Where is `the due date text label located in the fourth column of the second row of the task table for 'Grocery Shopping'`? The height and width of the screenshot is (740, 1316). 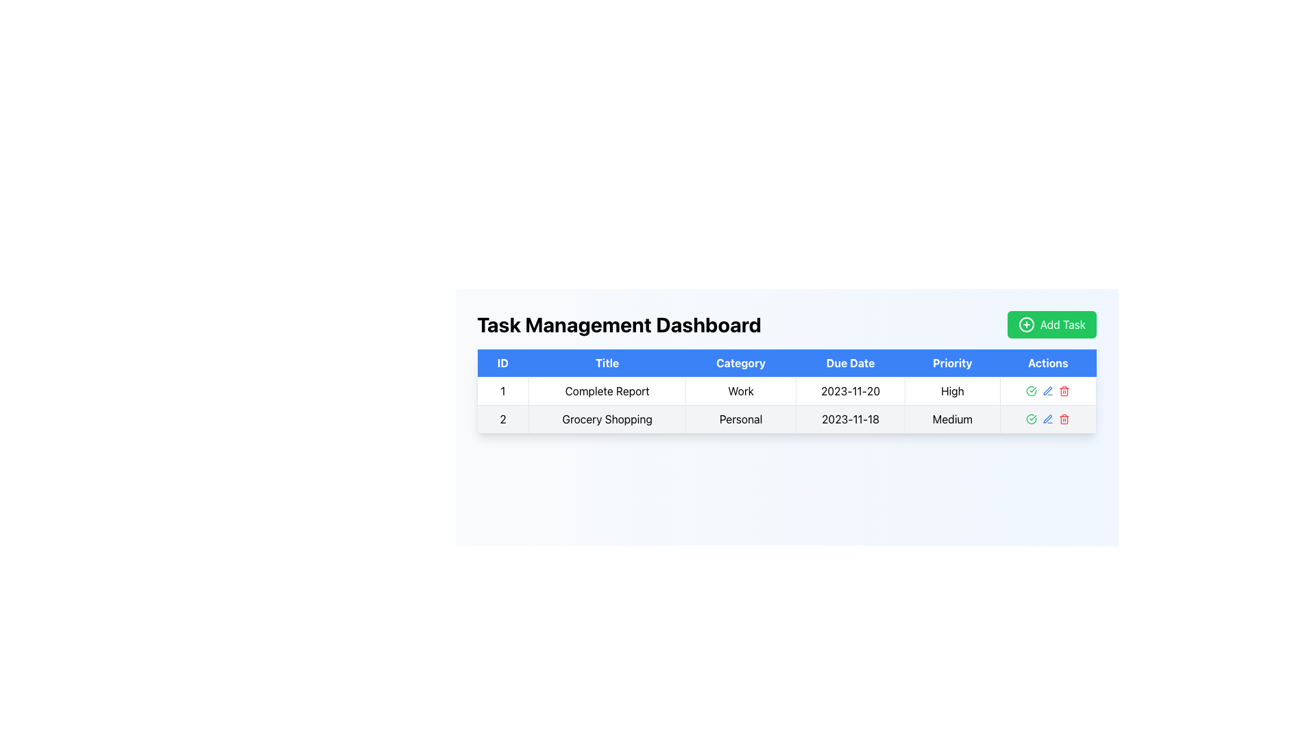
the due date text label located in the fourth column of the second row of the task table for 'Grocery Shopping' is located at coordinates (850, 419).